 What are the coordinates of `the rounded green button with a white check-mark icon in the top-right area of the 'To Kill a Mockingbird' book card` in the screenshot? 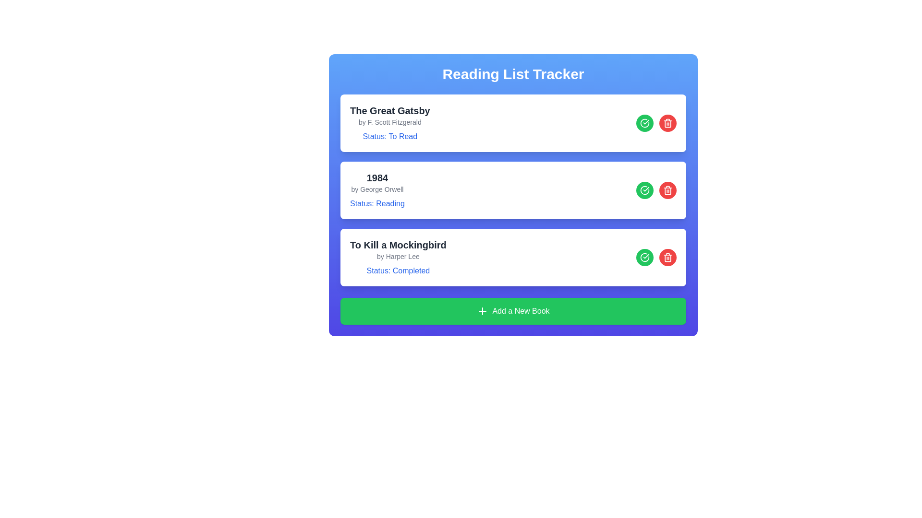 It's located at (645, 257).